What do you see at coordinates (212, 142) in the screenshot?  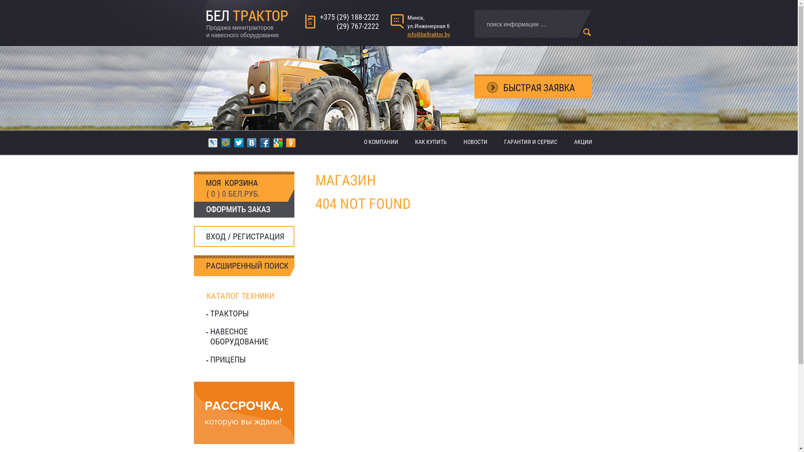 I see `'LiveJournal'` at bounding box center [212, 142].